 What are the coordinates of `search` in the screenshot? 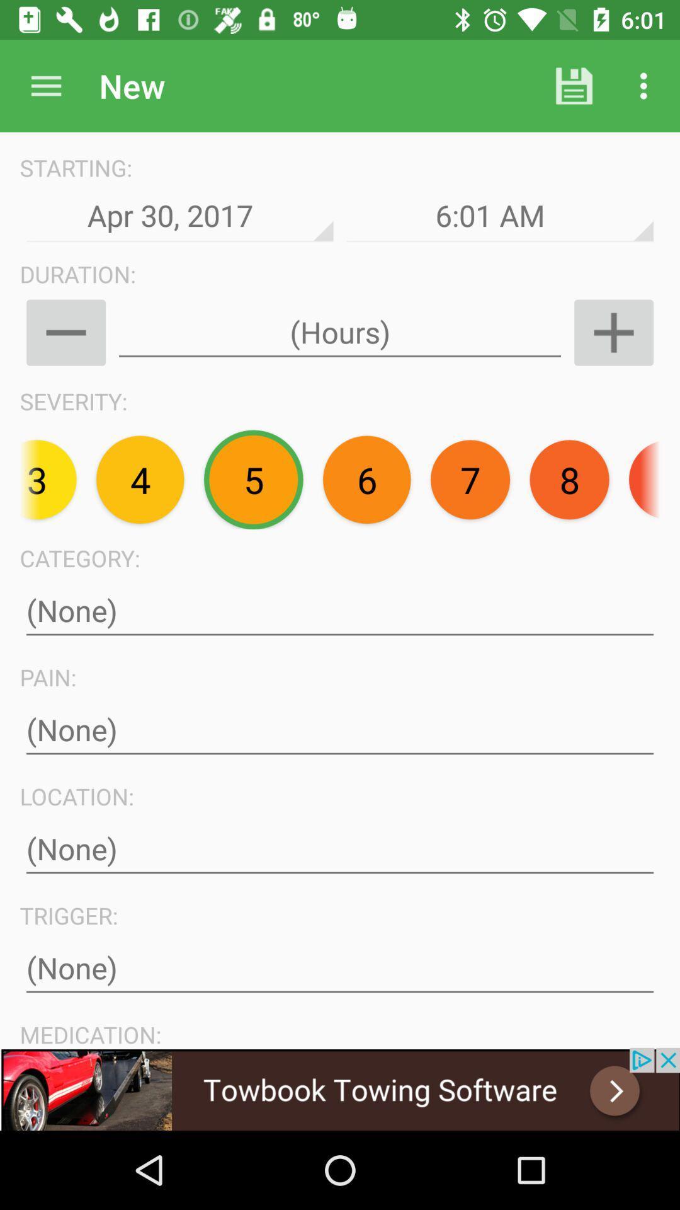 It's located at (45, 85).